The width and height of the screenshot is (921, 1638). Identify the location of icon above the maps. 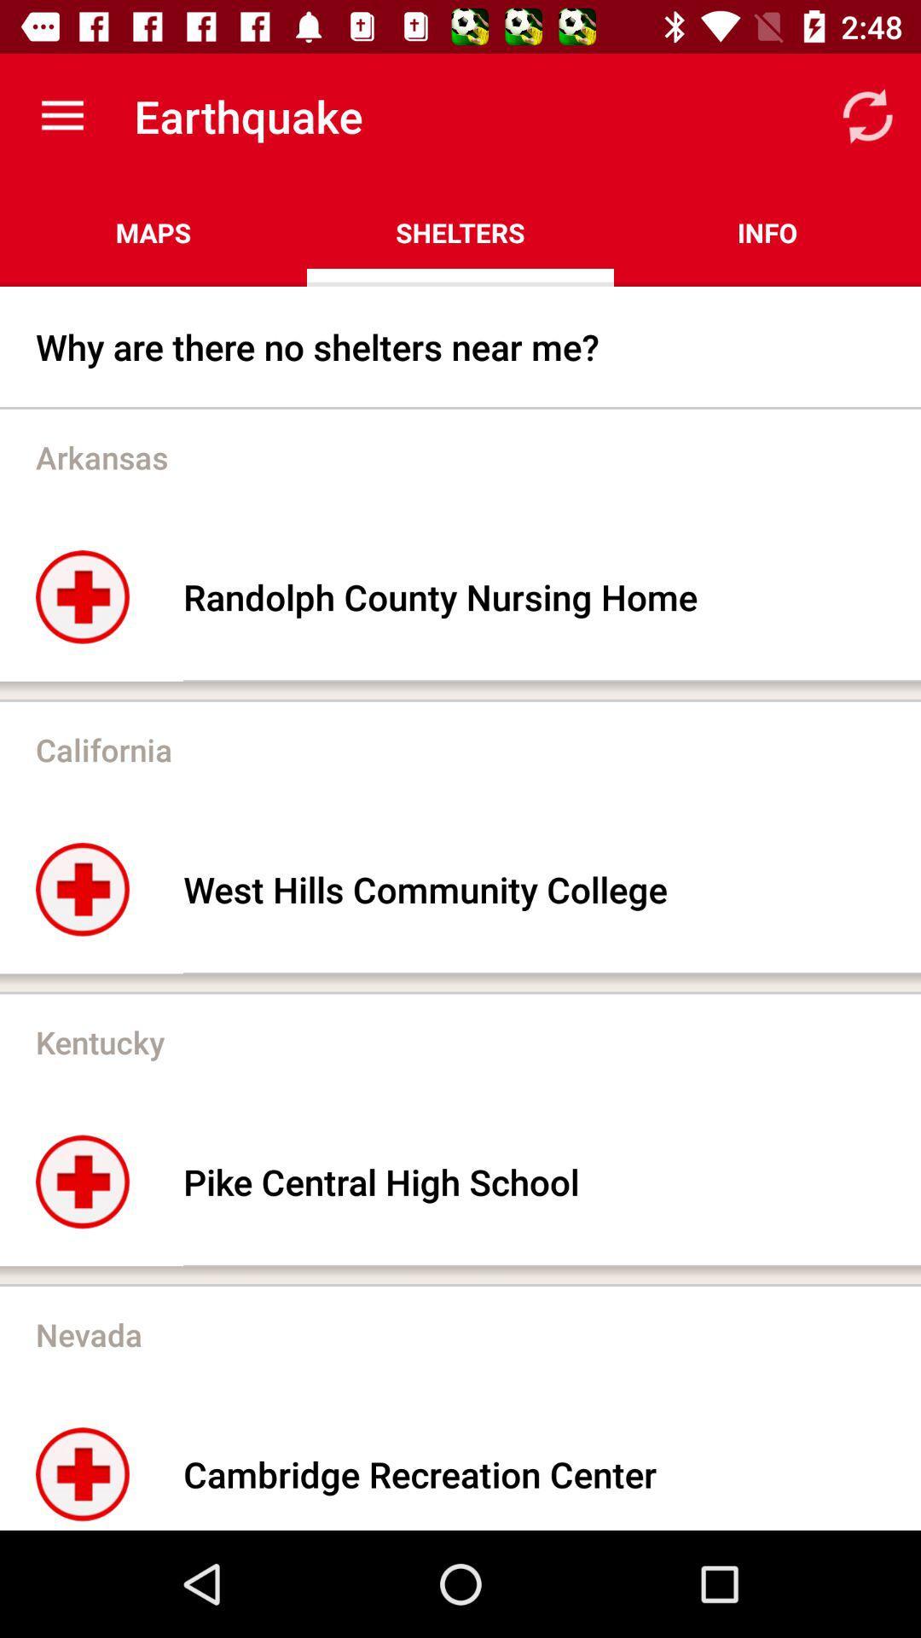
(61, 115).